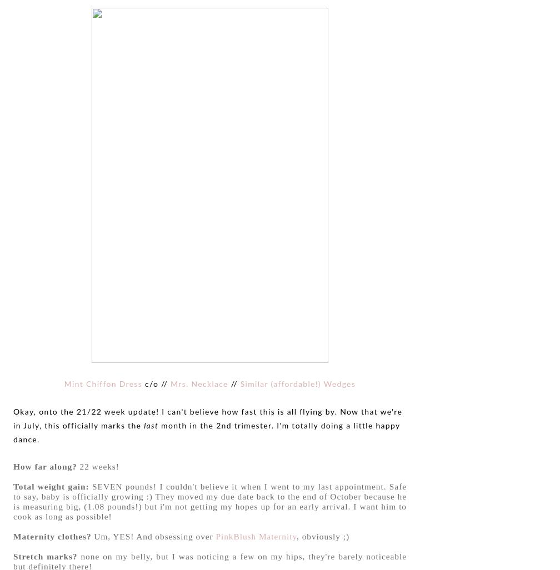 The height and width of the screenshot is (570, 560). Describe the element at coordinates (45, 555) in the screenshot. I see `'Stretch marks?'` at that location.